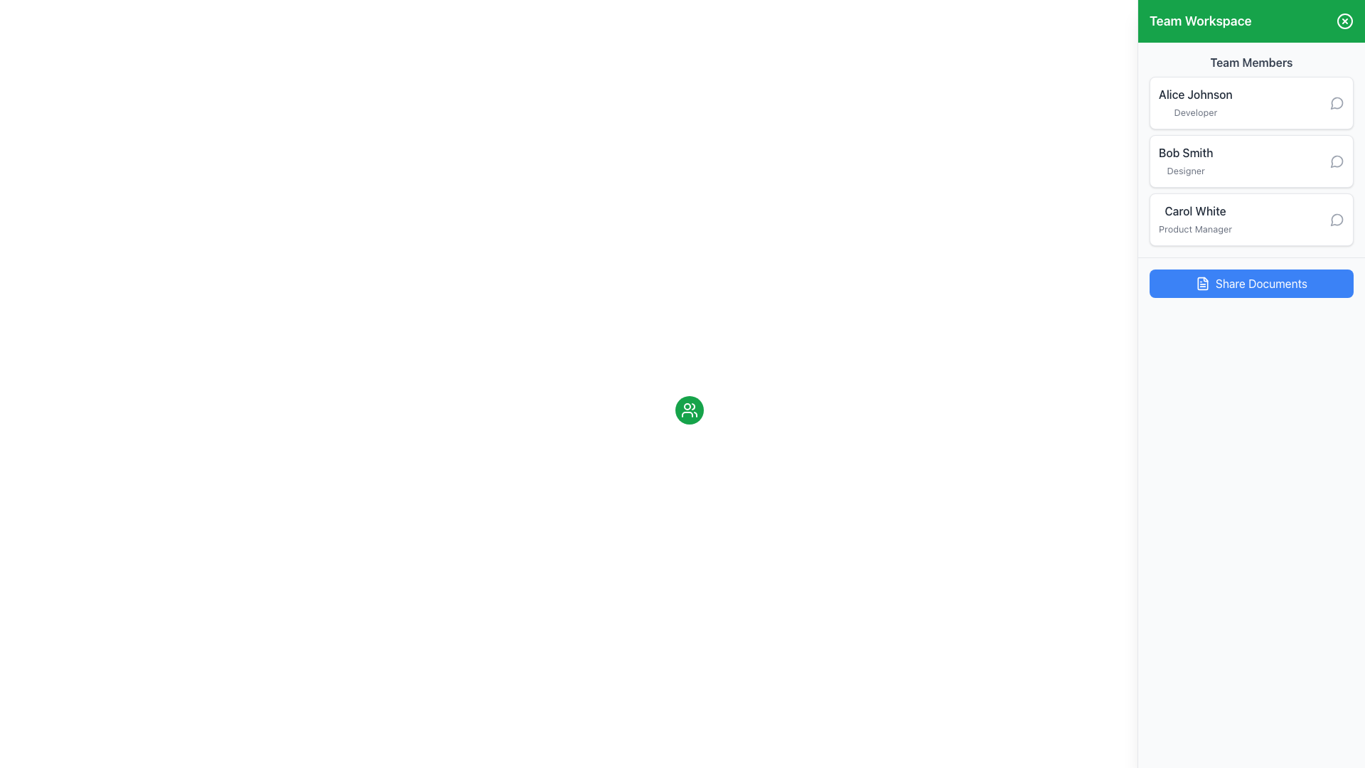 The height and width of the screenshot is (768, 1365). Describe the element at coordinates (1186, 161) in the screenshot. I see `information displayed on the text label identifying the team member, which is the second item in the vertical list of user entries under the 'Team Members' section` at that location.